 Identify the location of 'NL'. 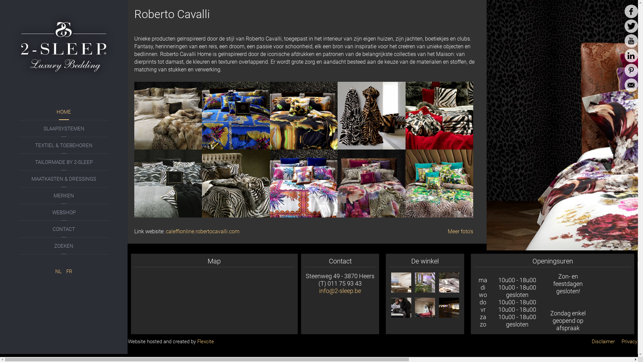
(59, 271).